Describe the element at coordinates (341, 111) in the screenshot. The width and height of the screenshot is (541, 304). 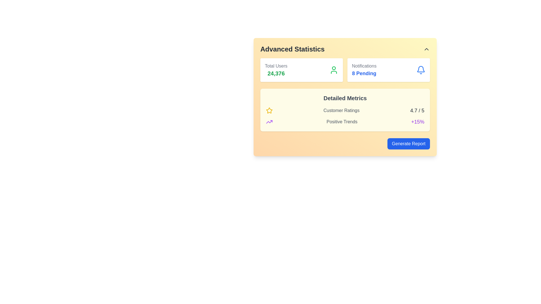
I see `the Text Label that describes customer ratings, located in the 'Detailed Metrics' section, between a yellow star icon and the rating display '4.7 / 5.'` at that location.